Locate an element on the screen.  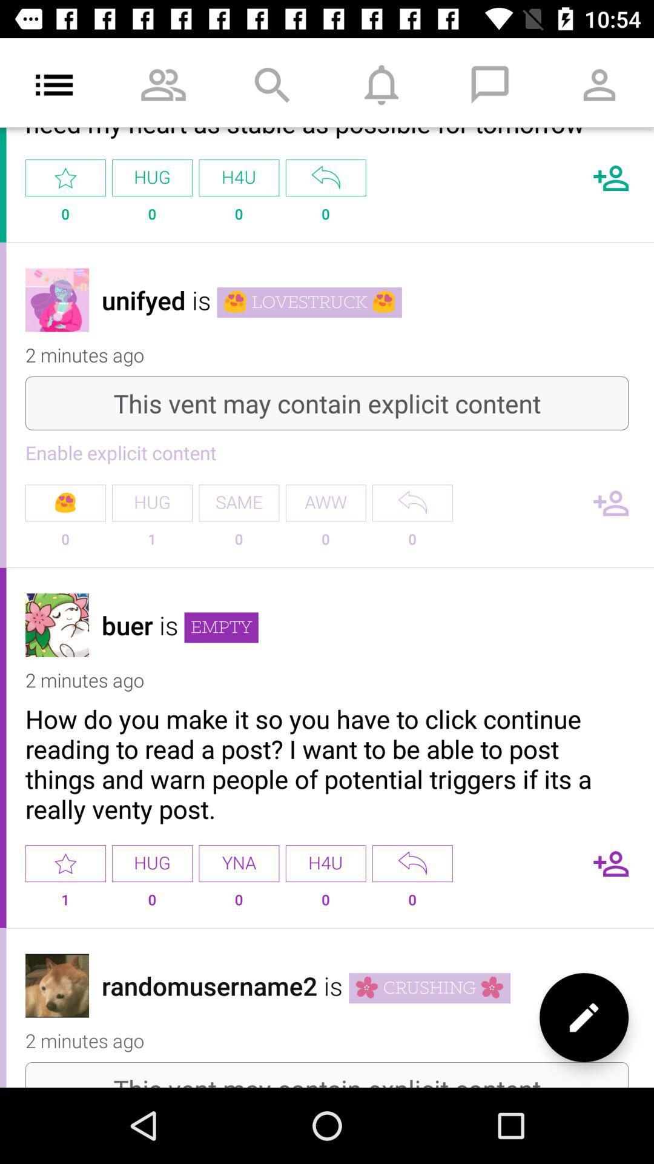
the app above 0 icon is located at coordinates (412, 503).